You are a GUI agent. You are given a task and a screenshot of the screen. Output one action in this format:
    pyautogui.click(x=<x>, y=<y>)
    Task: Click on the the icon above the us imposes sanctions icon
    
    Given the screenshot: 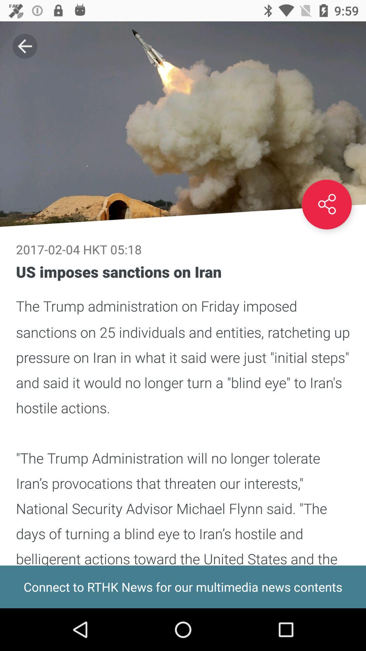 What is the action you would take?
    pyautogui.click(x=326, y=204)
    